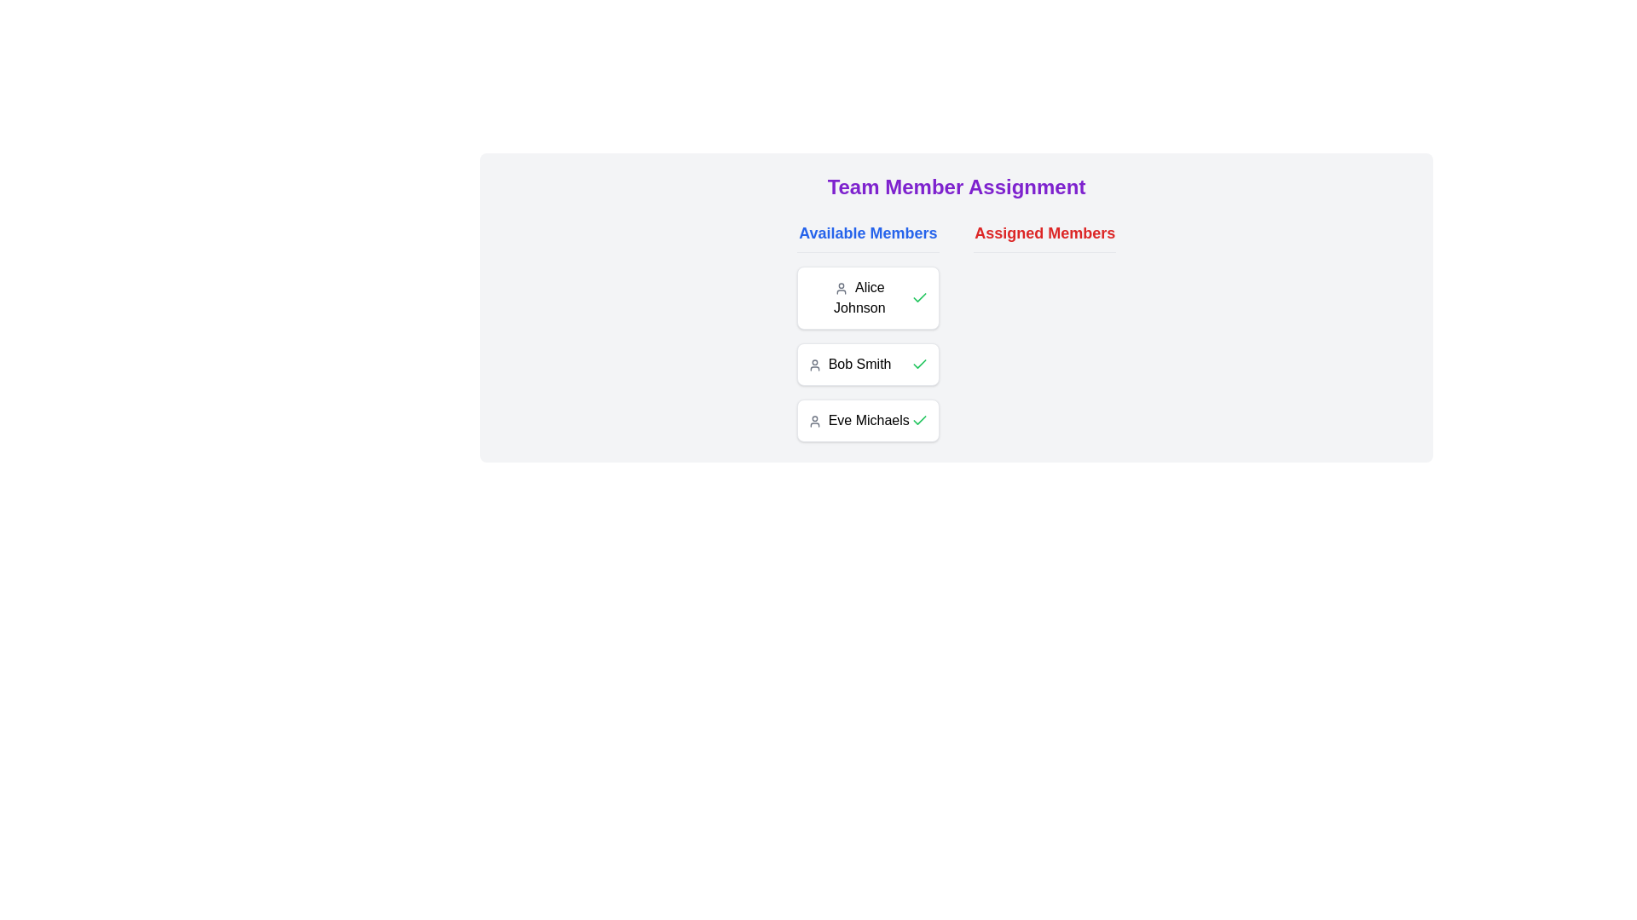 The image size is (1637, 920). What do you see at coordinates (849, 364) in the screenshot?
I see `the text label identifying the user 'Bob Smith' in the 'Available Members' column` at bounding box center [849, 364].